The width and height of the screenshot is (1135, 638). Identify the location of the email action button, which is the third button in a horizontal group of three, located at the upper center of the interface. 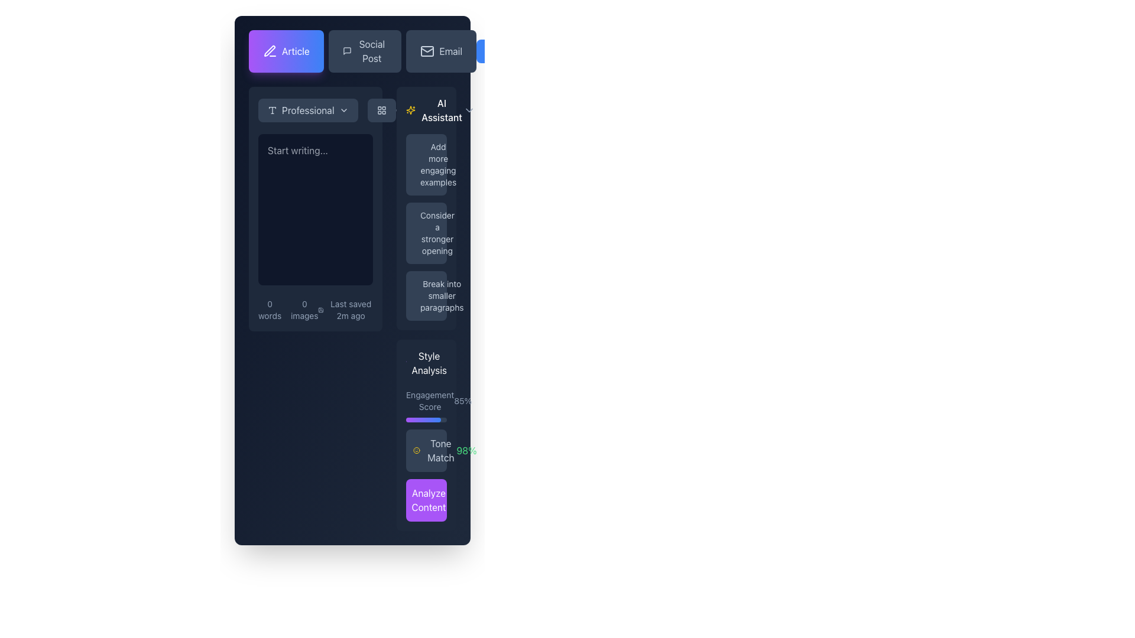
(440, 51).